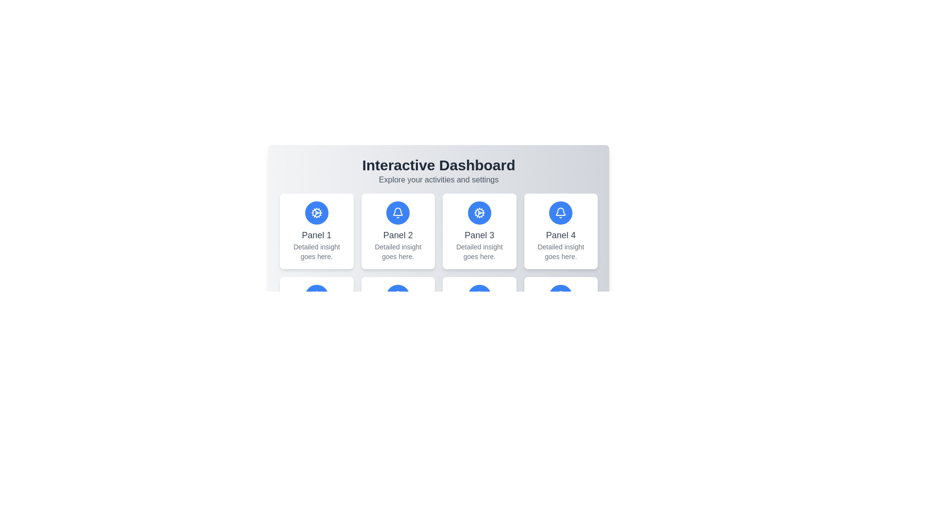 The height and width of the screenshot is (524, 933). I want to click on the Informational card located as the fourth box in the first row of the grid layout, which serves as a navigation or informational card, so click(561, 231).